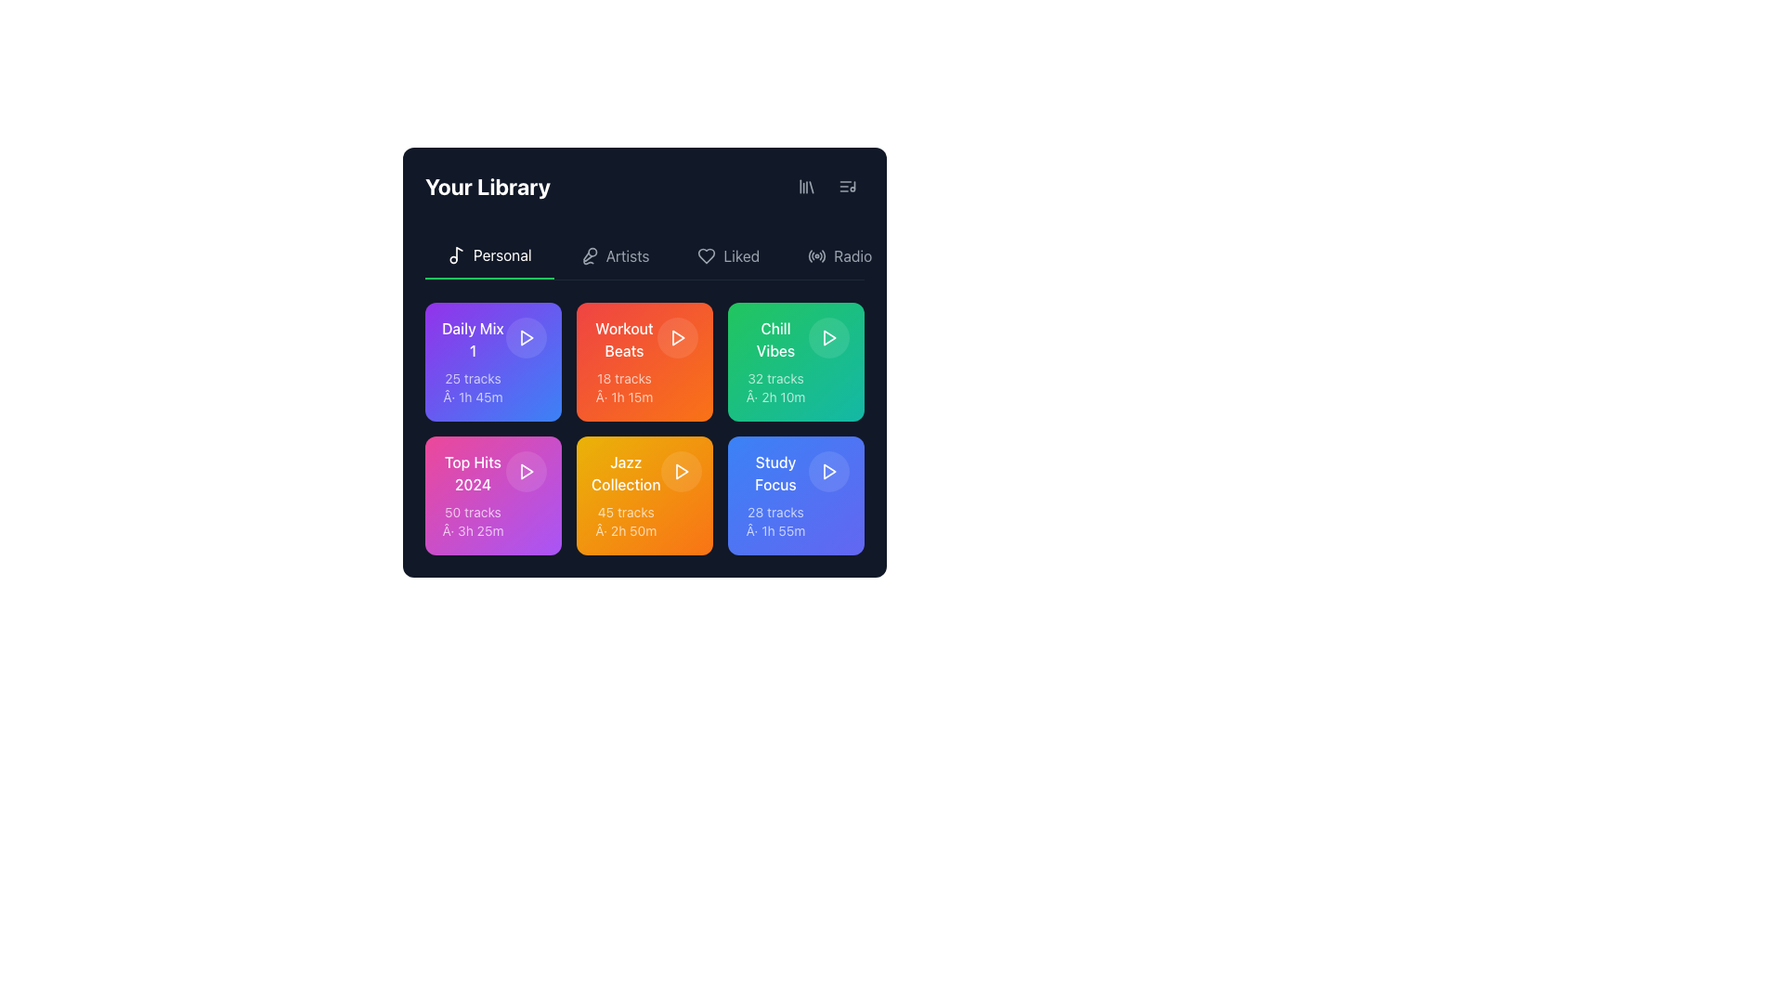 The height and width of the screenshot is (1003, 1783). I want to click on the play button located in the top-right corner of the green rectangular card labeled 'Chill Vibes', so click(827, 337).